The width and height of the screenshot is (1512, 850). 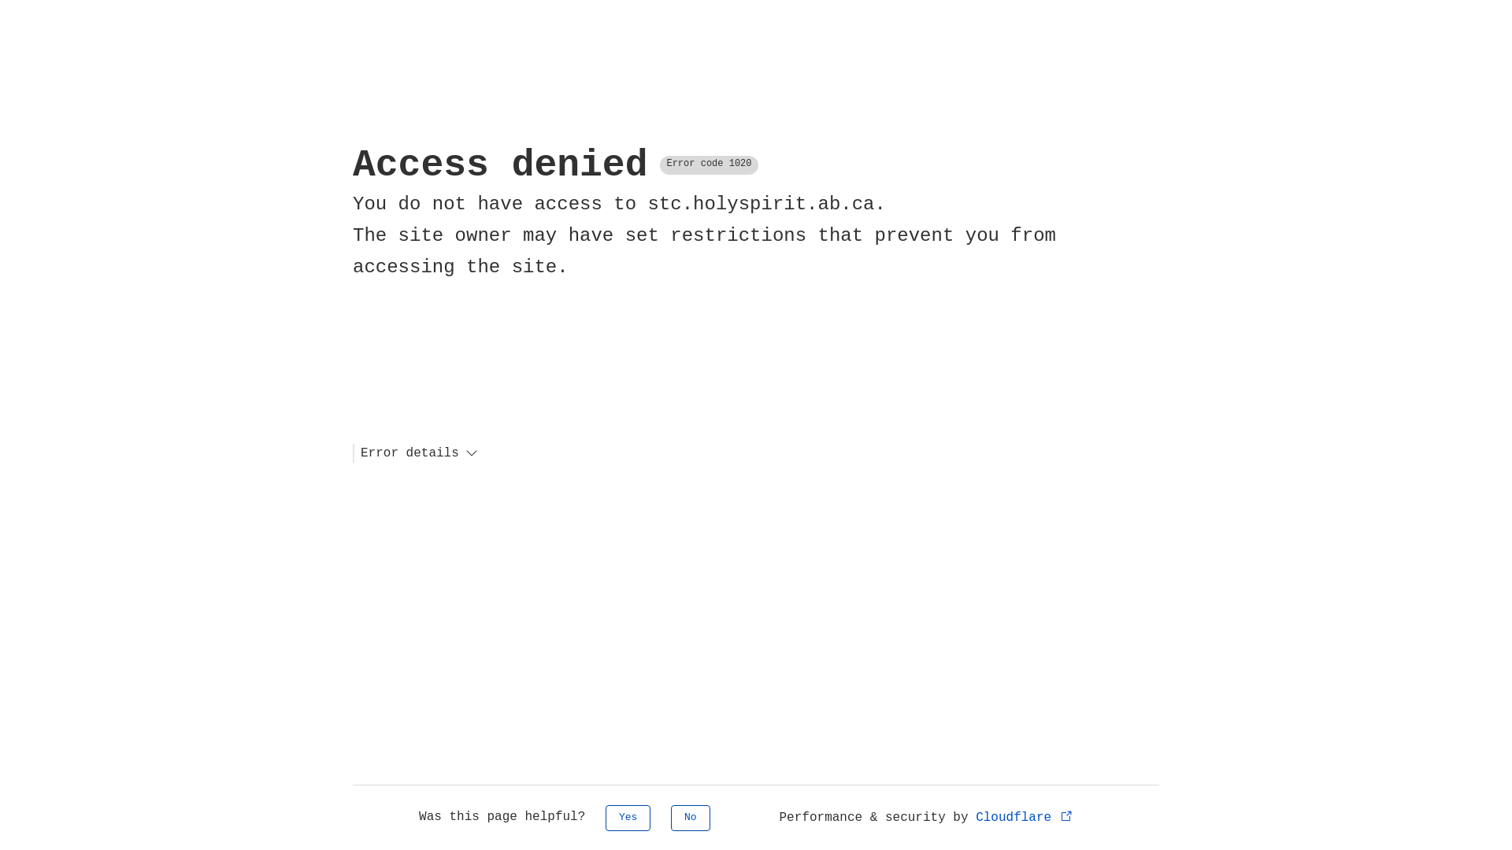 I want to click on 'Yes', so click(x=627, y=817).